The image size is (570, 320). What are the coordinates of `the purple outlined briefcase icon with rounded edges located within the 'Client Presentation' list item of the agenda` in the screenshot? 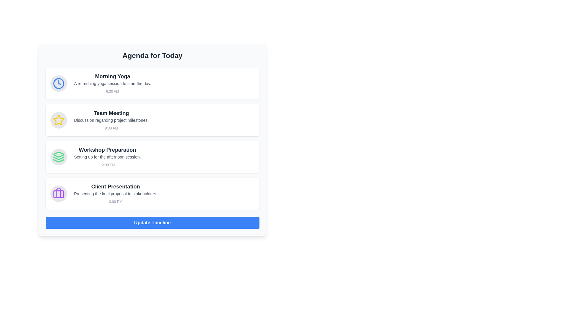 It's located at (58, 194).